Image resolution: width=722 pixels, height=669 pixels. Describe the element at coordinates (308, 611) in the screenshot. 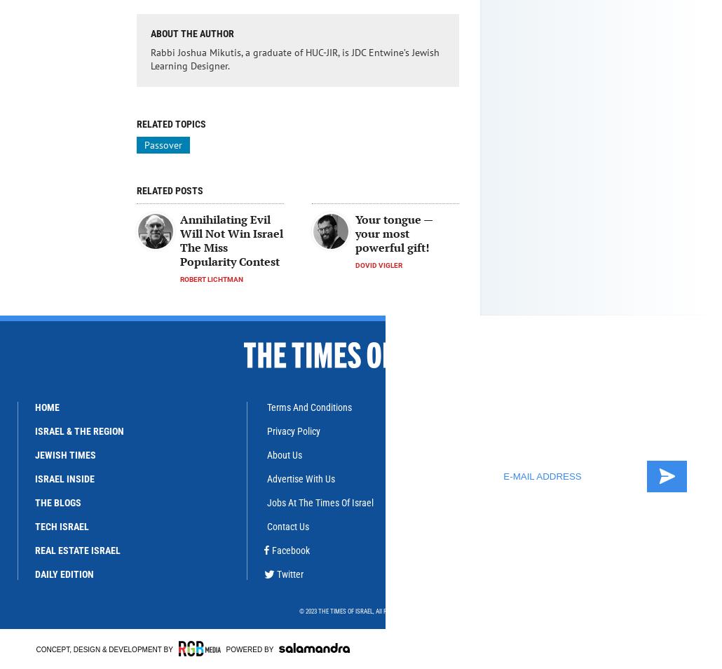

I see `'© 2023'` at that location.